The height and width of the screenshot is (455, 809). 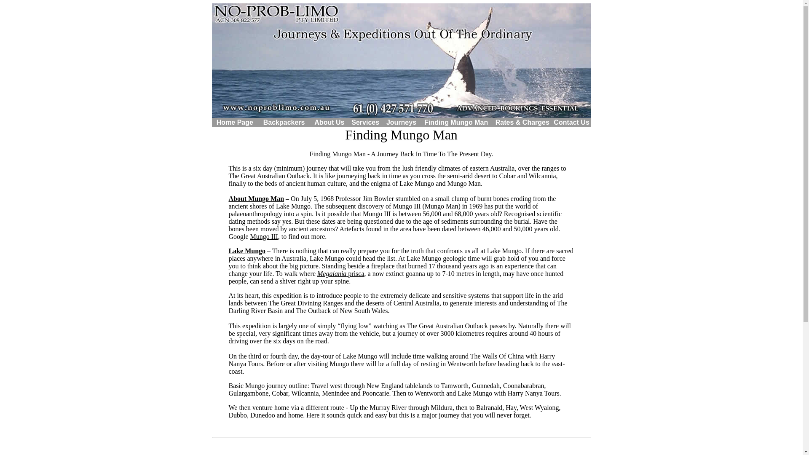 I want to click on 'Journeys', so click(x=401, y=122).